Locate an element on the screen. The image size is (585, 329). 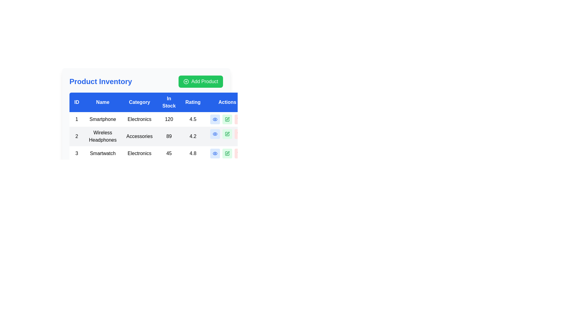
the text label displaying the number '45' in bold black font, located in the 'In Stock' column of the third row of the 'Product Inventory' table is located at coordinates (169, 153).